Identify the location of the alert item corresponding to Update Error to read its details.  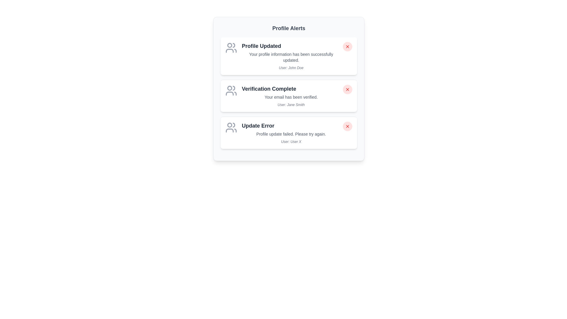
(289, 132).